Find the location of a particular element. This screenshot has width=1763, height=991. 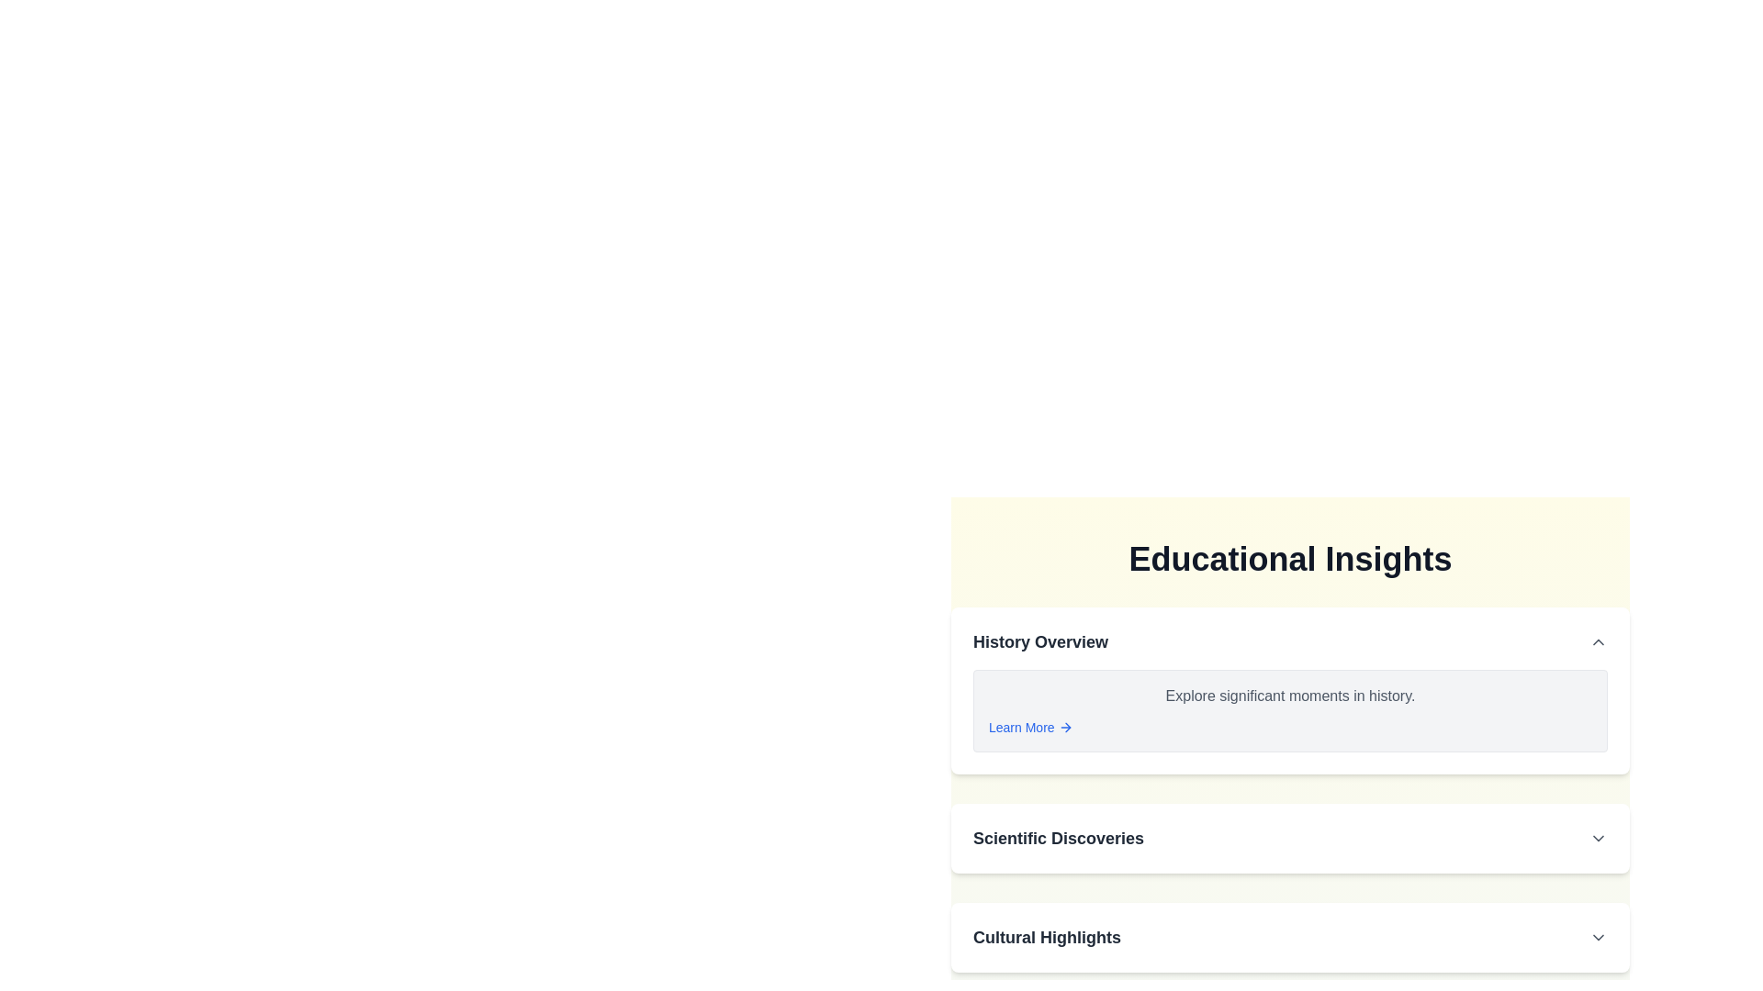

the right-pointing arrow icon, which is adjacent to the 'Learn More' text is located at coordinates (1065, 727).